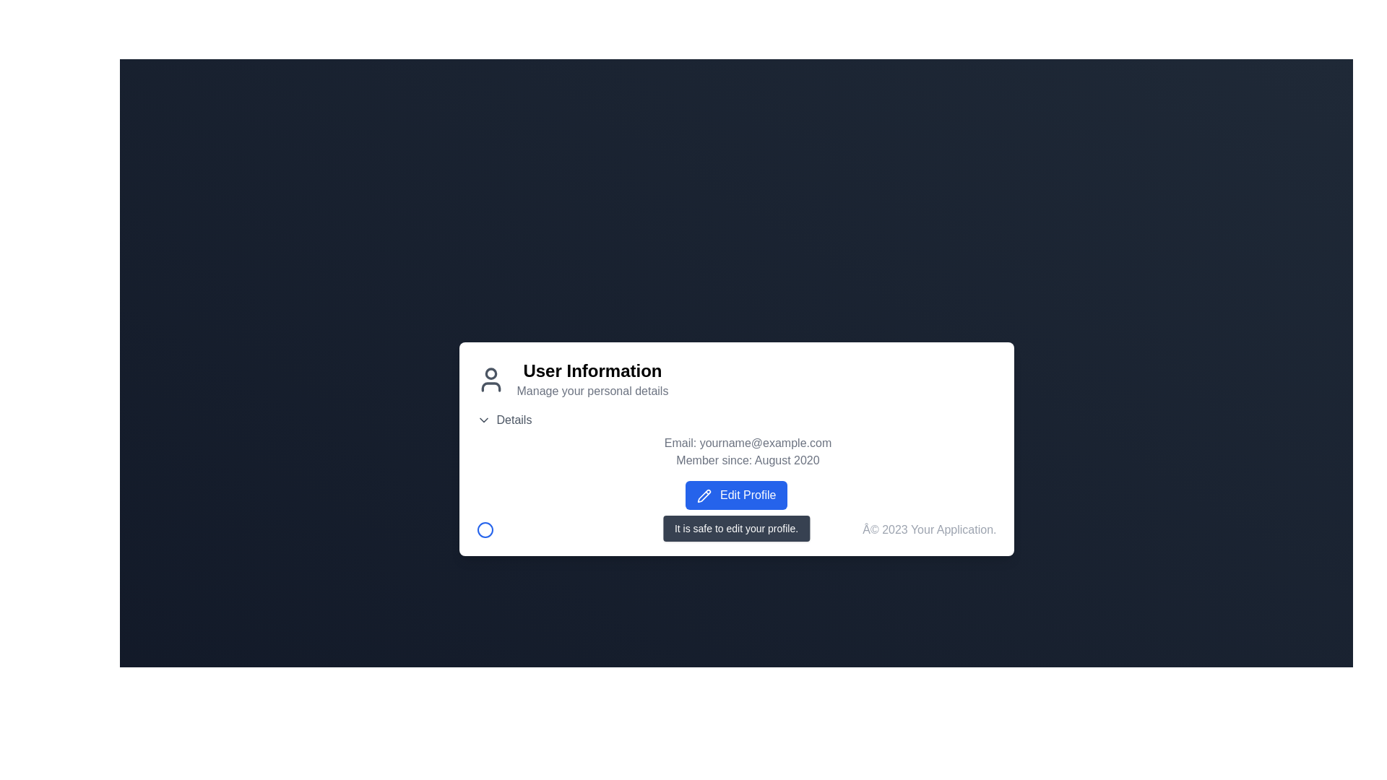 The width and height of the screenshot is (1387, 780). Describe the element at coordinates (485, 529) in the screenshot. I see `the decorative circle icon` at that location.